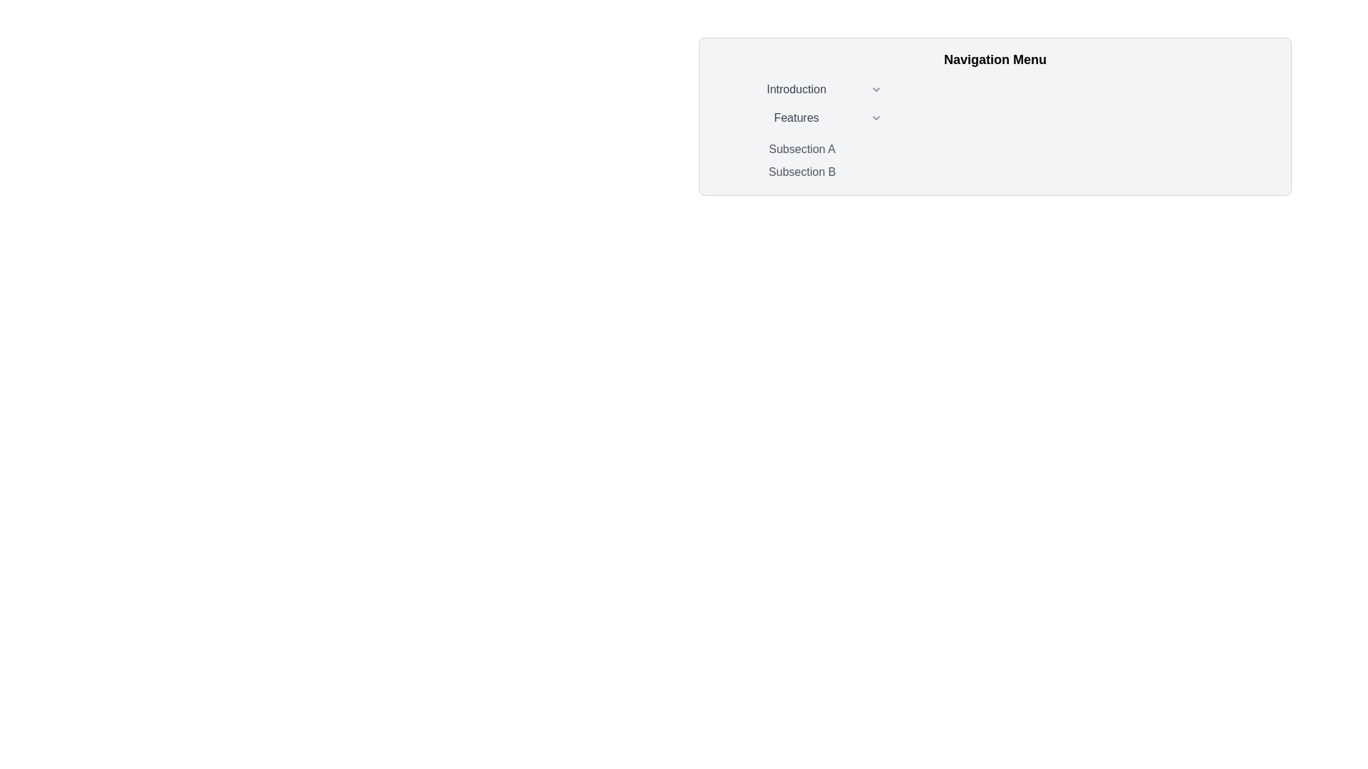 Image resolution: width=1368 pixels, height=769 pixels. Describe the element at coordinates (796, 90) in the screenshot. I see `the Text Label displaying 'Introduction' in the navigation menu, which is located at the top of the vertical list of menu items` at that location.